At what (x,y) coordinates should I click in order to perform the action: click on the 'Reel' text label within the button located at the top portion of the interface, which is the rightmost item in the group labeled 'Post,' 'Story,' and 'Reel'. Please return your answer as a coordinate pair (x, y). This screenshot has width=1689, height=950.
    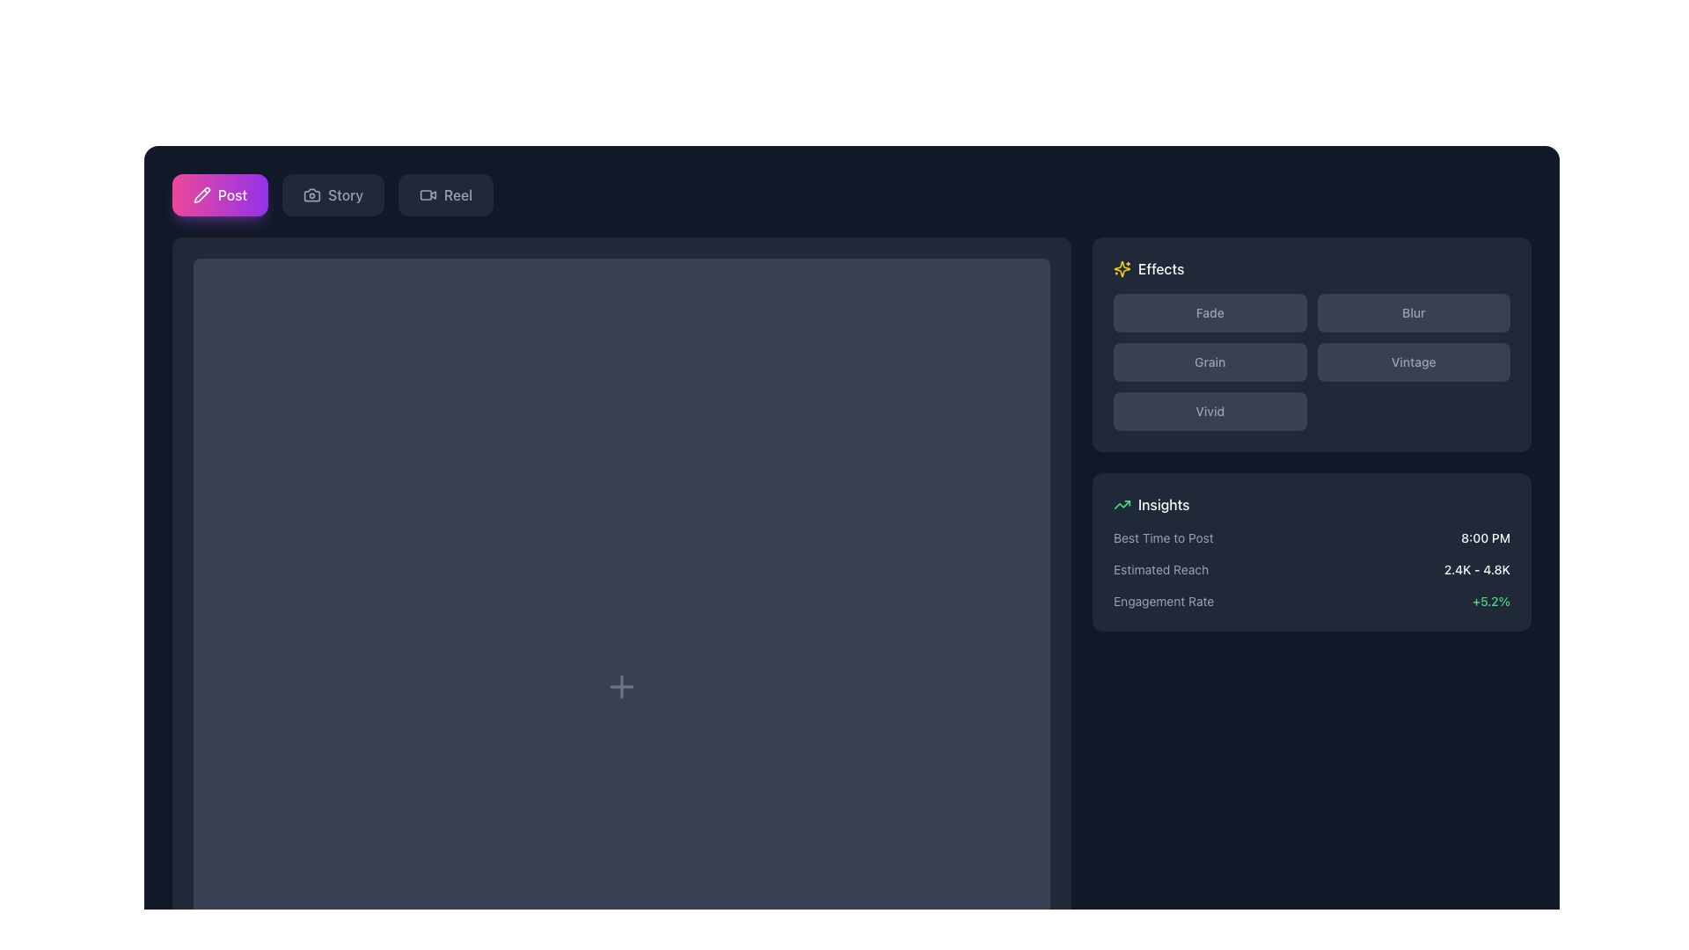
    Looking at the image, I should click on (458, 195).